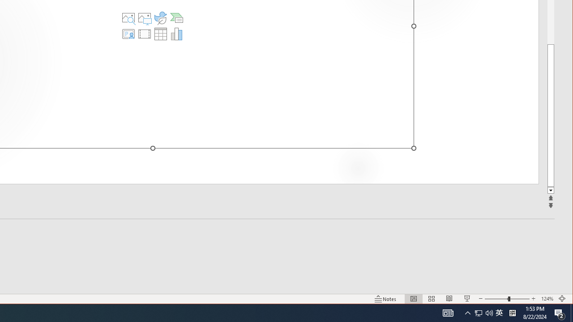  I want to click on 'Insert a SmartArt Graphic', so click(176, 17).